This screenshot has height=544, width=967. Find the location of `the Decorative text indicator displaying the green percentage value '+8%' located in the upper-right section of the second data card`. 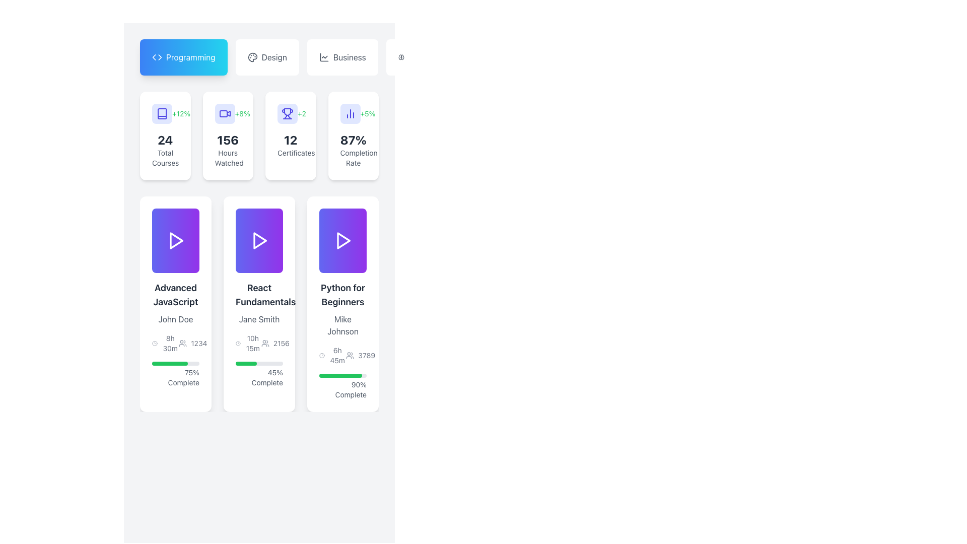

the Decorative text indicator displaying the green percentage value '+8%' located in the upper-right section of the second data card is located at coordinates (242, 113).